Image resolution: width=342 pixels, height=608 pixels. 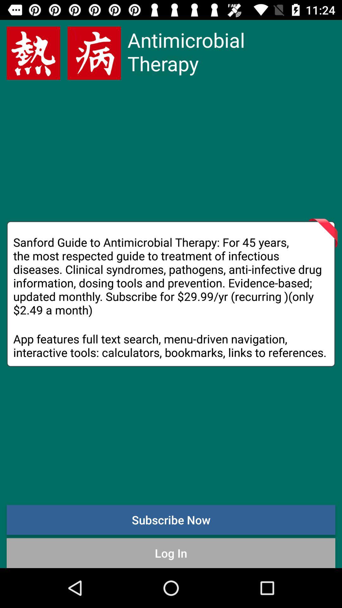 I want to click on the icon below app features full item, so click(x=171, y=520).